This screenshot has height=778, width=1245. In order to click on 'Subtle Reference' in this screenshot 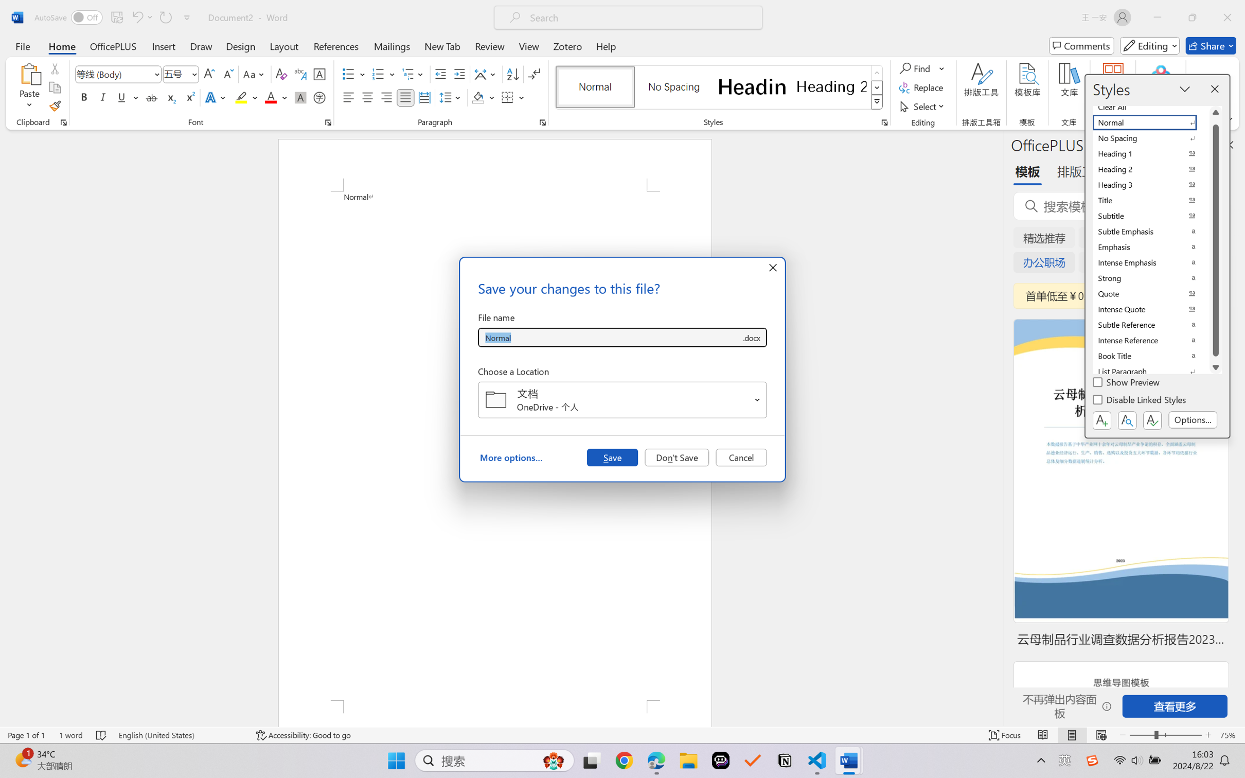, I will do `click(1151, 325)`.